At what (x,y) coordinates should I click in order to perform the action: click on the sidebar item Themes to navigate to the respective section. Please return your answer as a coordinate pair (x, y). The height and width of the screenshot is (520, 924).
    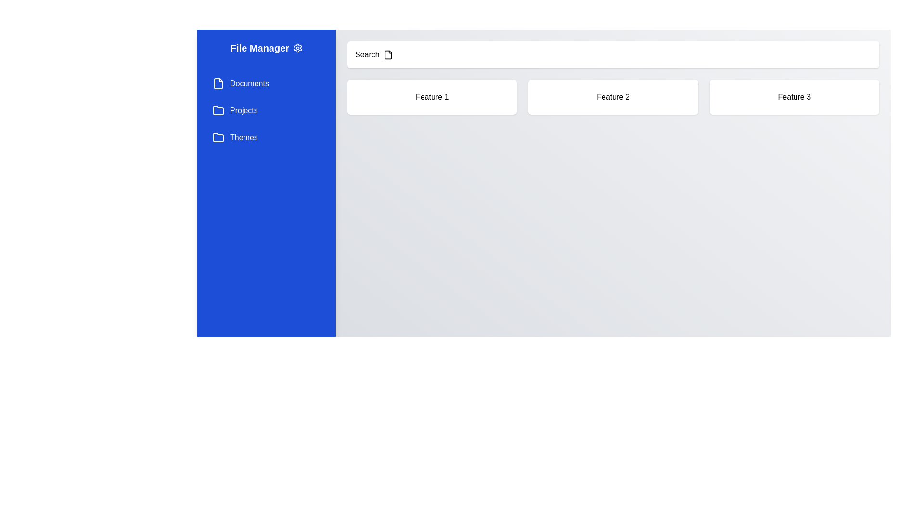
    Looking at the image, I should click on (266, 137).